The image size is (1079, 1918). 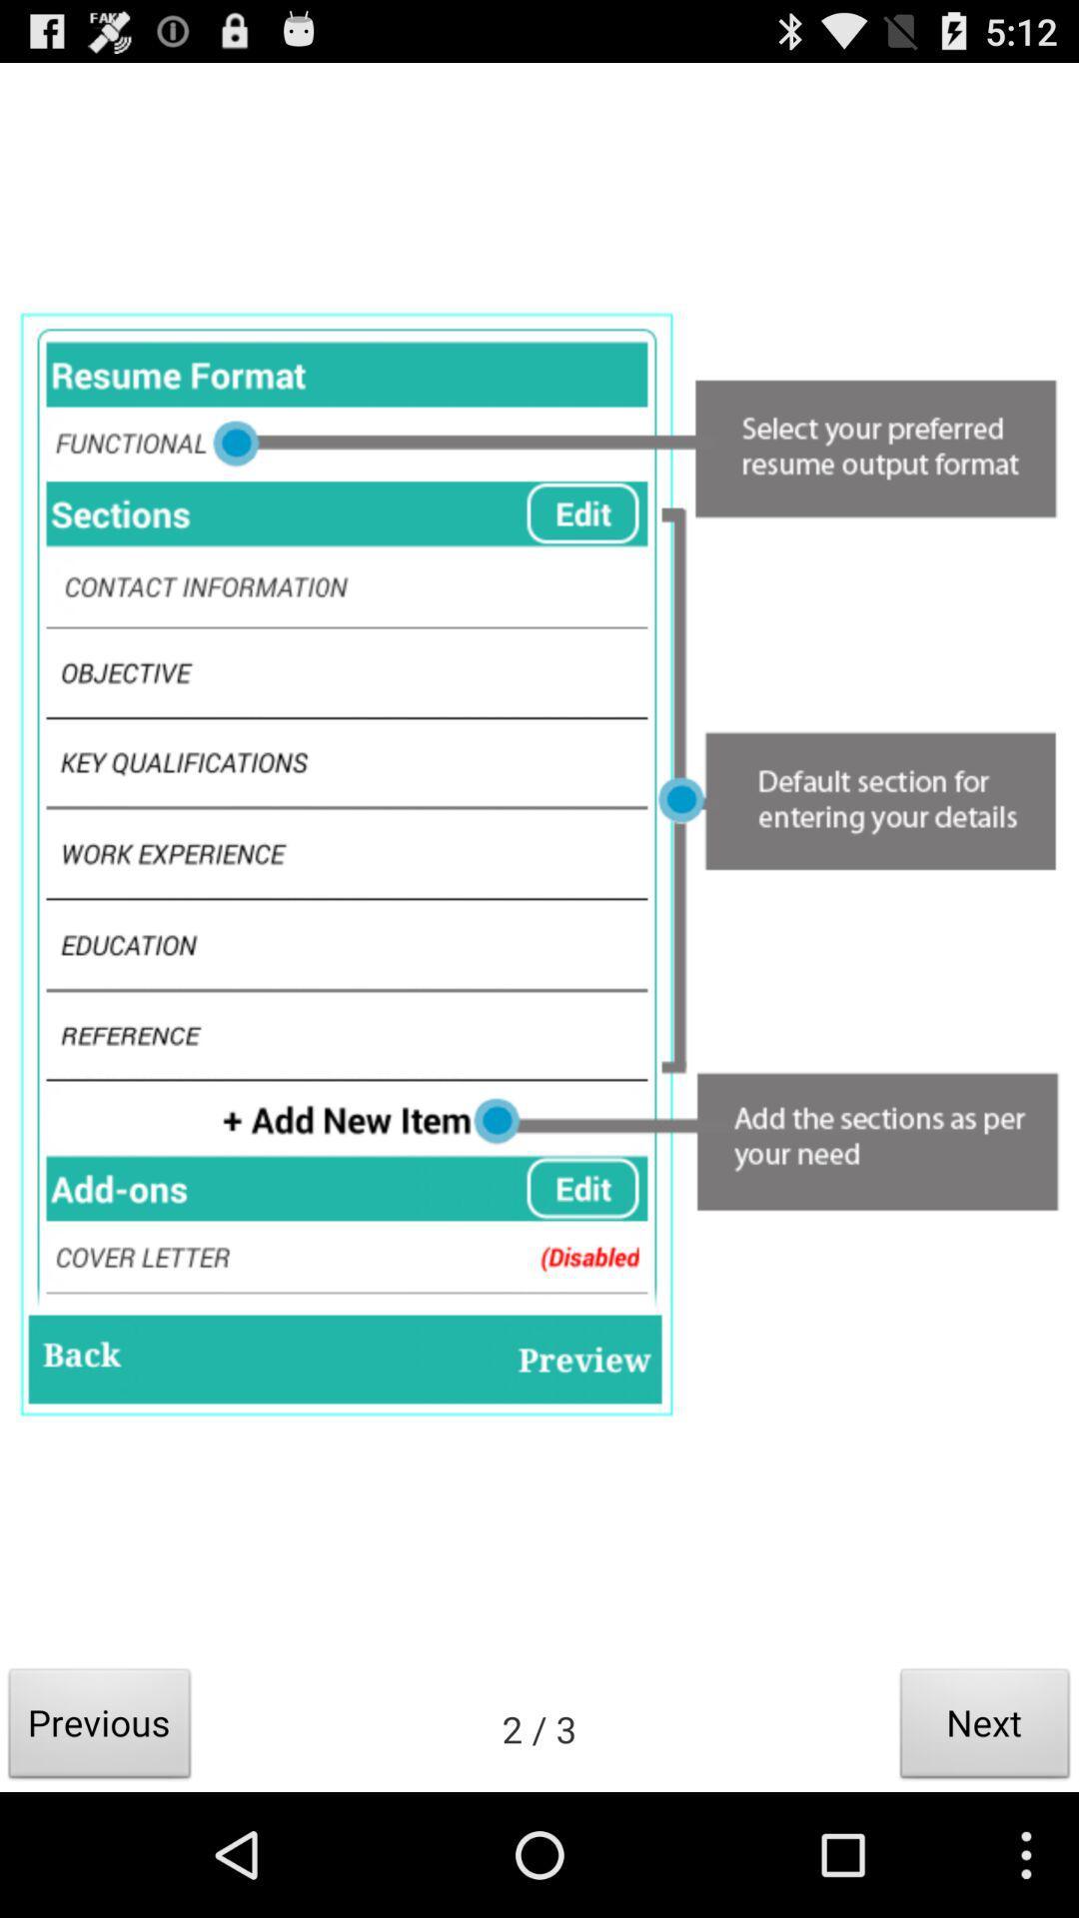 What do you see at coordinates (984, 1728) in the screenshot?
I see `the icon to the right of the 2 / 3 item` at bounding box center [984, 1728].